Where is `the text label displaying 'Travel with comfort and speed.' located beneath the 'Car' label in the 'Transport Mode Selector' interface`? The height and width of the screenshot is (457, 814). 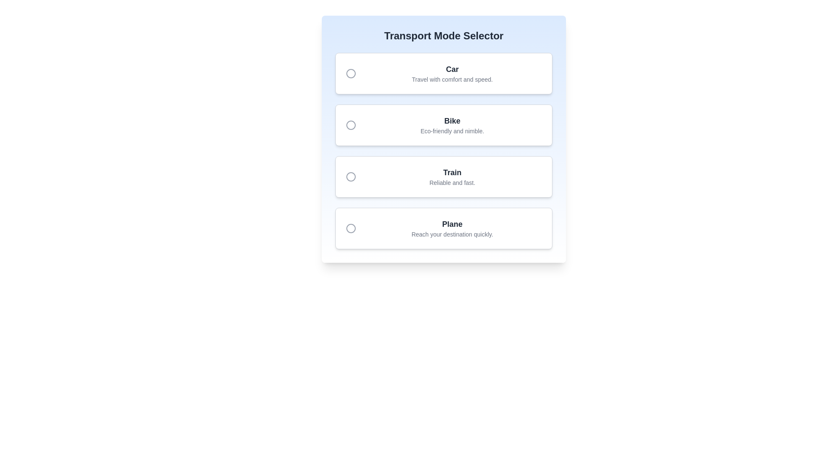 the text label displaying 'Travel with comfort and speed.' located beneath the 'Car' label in the 'Transport Mode Selector' interface is located at coordinates (452, 80).